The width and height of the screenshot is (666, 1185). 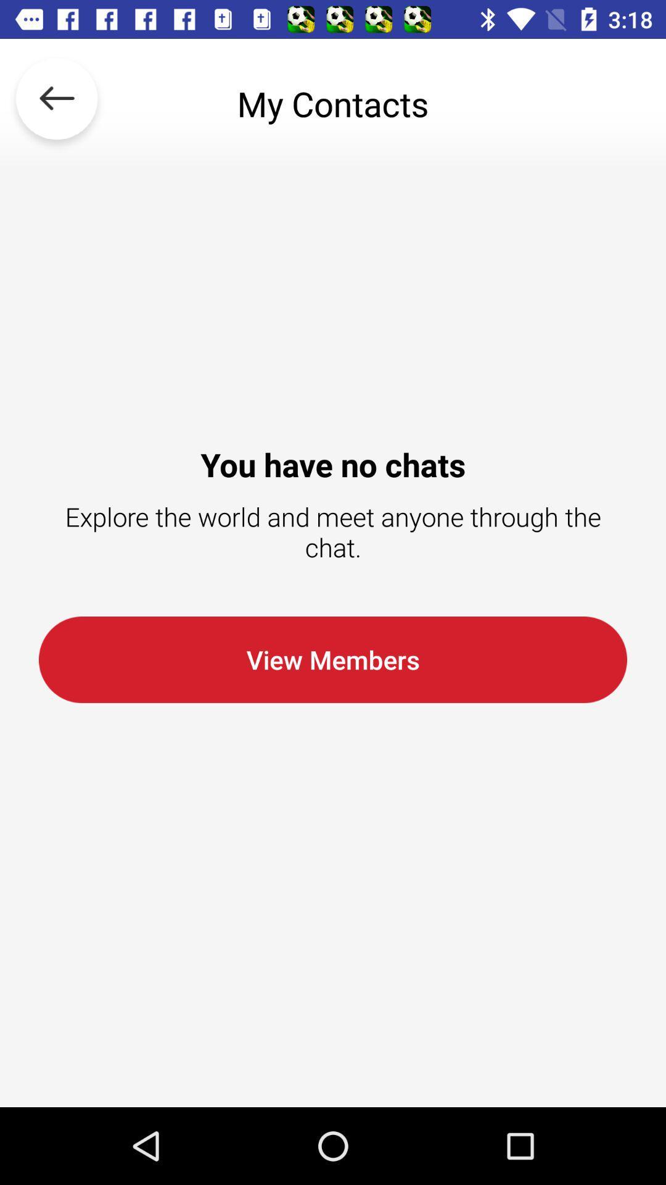 I want to click on the view members, so click(x=333, y=659).